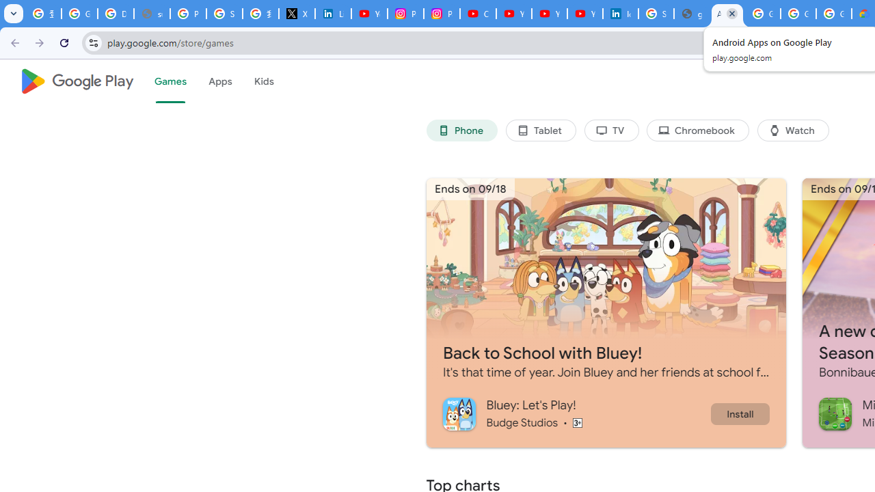 The width and height of the screenshot is (875, 492). Describe the element at coordinates (577, 422) in the screenshot. I see `'Content rating Rated for 3+'` at that location.